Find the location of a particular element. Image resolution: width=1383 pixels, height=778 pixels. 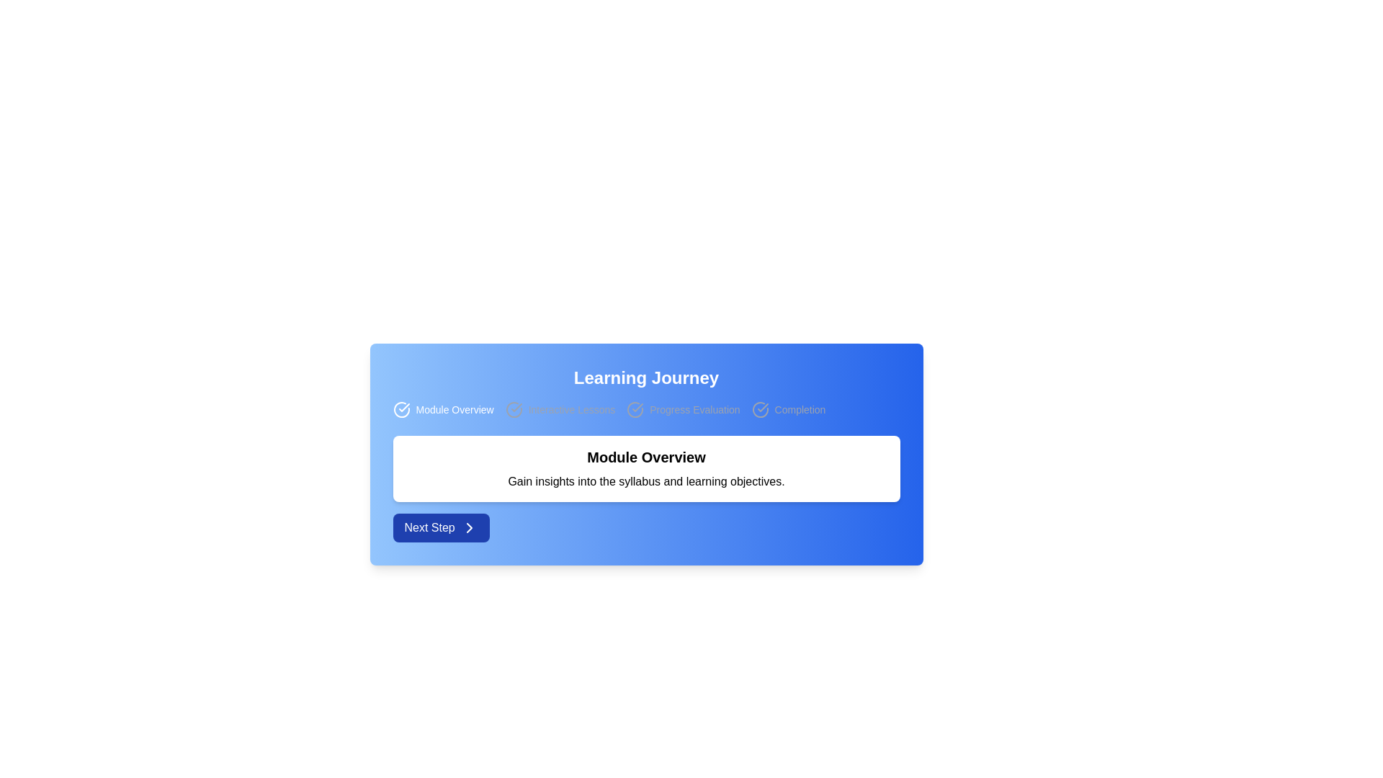

the visual state of the circular progress icon with a check mark, located in the top-left corner of the blue card layout is located at coordinates (401, 410).